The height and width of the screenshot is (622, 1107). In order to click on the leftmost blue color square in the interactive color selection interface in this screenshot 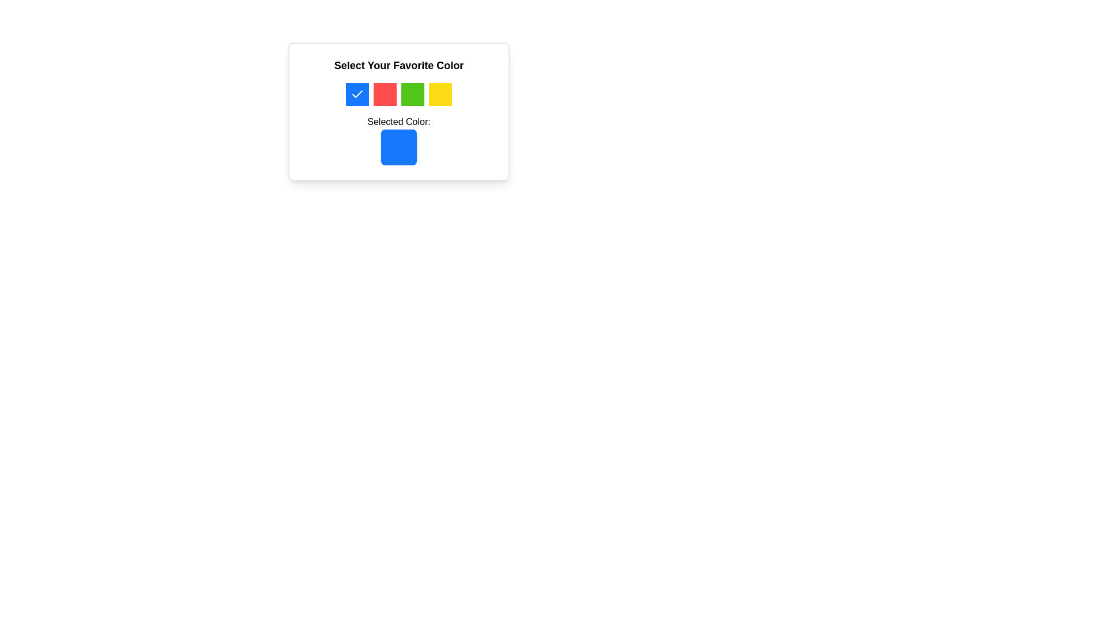, I will do `click(356, 94)`.